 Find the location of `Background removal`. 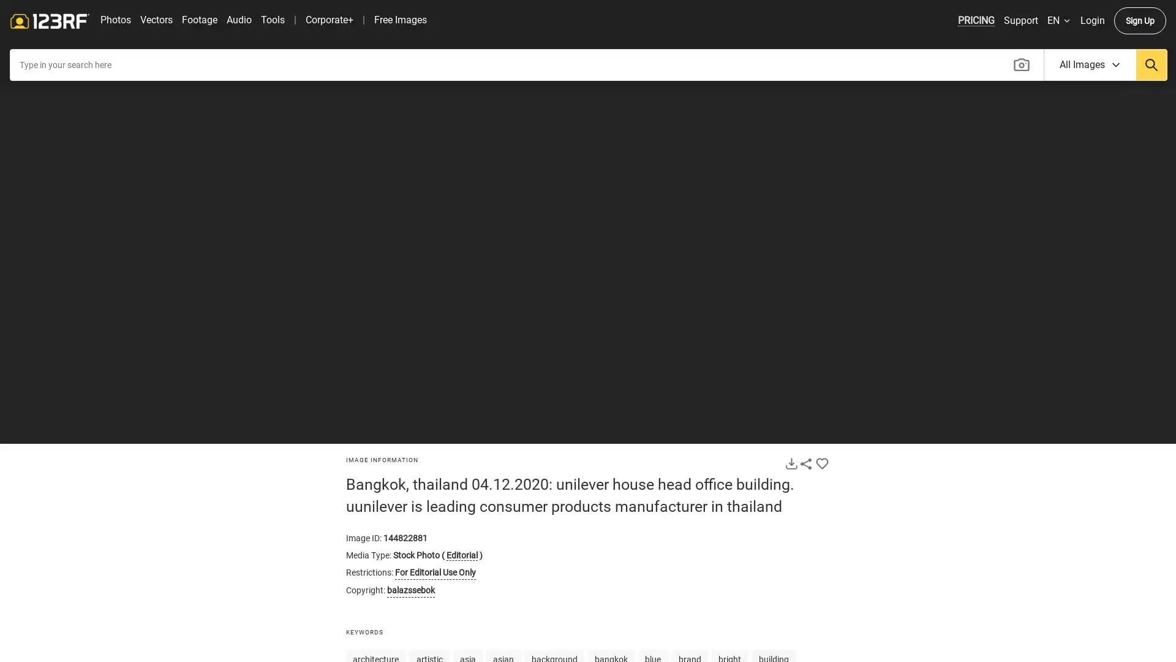

Background removal is located at coordinates (23, 323).